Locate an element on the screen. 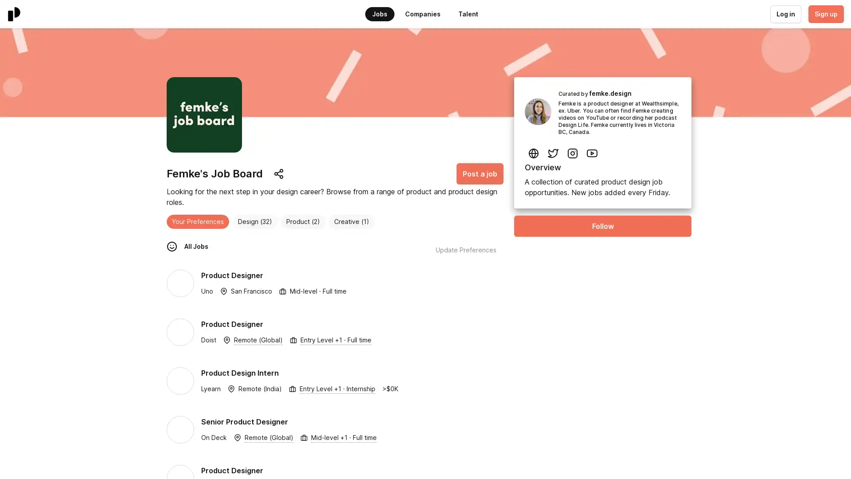  Follow is located at coordinates (602, 225).